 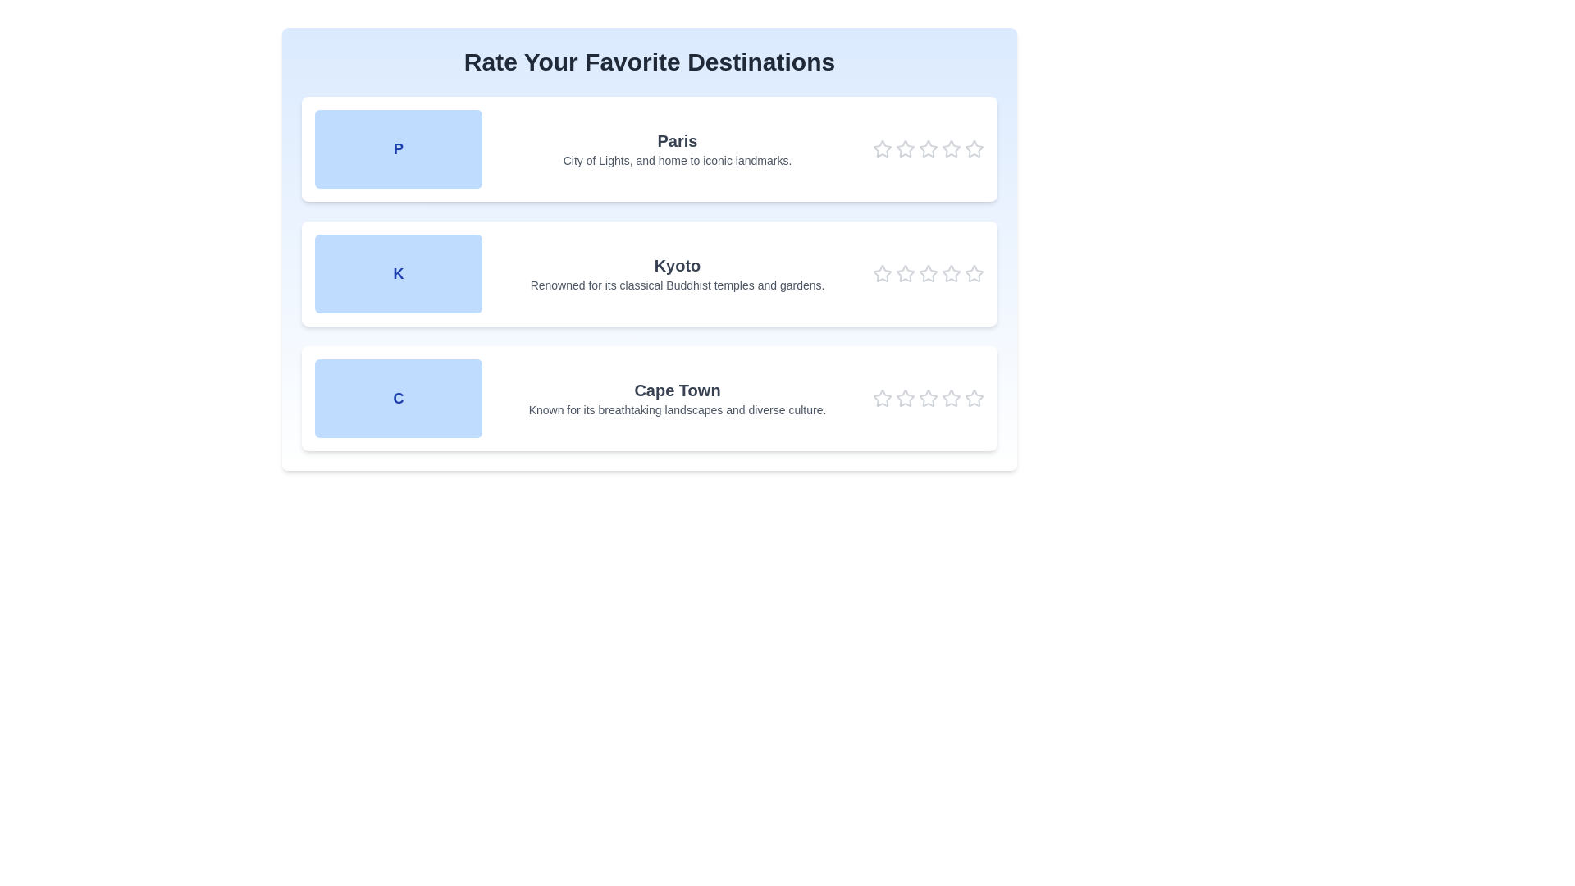 I want to click on the first star-shaped rating icon in the horizontal array to the right of the 'Paris' label, so click(x=881, y=148).